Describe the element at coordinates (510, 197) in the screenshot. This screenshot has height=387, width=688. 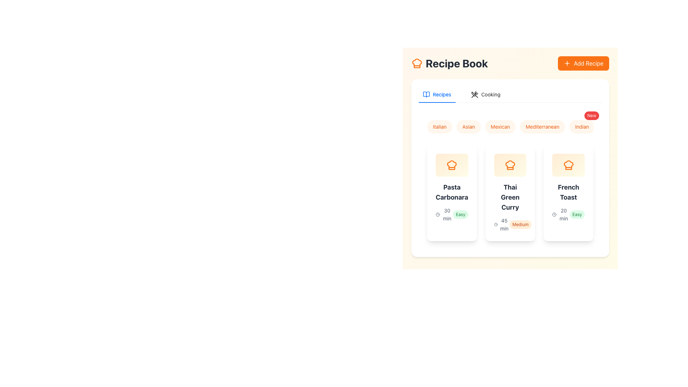
I see `text label 'Thai Green Curry', which is a bold title displayed in a large font size and dark gray color, located centrally within a card below a chef's hat icon` at that location.